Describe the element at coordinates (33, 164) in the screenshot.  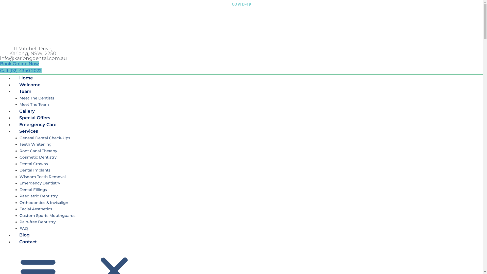
I see `'Dental Crowns'` at that location.